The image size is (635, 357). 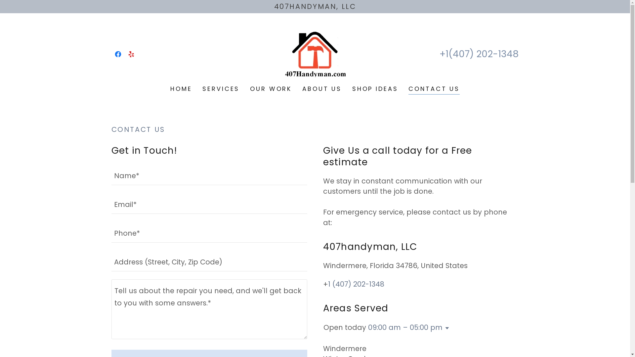 I want to click on '1 (407) 202-1348', so click(x=356, y=284).